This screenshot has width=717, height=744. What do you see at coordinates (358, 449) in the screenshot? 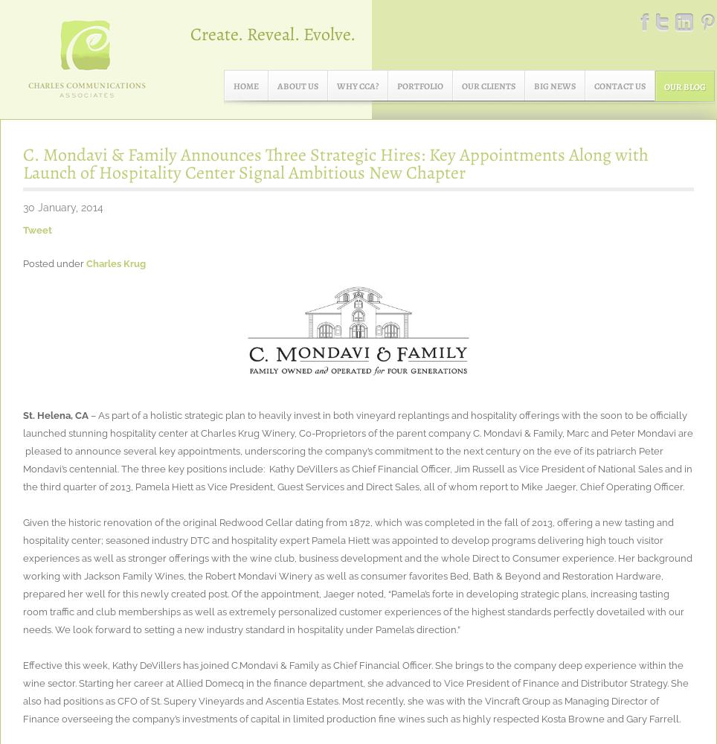
I see `'– As part of a holistic strategic plan to heavily invest in both vineyard replantings and hospitality offerings with the soon to be officially launched stunning hospitality center at Charles Krug Winery, Co-Proprietors of the parent company C. Mondavi & Family, Marc and Peter Mondavi are  pleased to announce several key appointments, underscoring the company’s commitment to the next century on the eve of its patriarch Peter Mondavi’s centennial. The three key positions include:  Kathy DeVillers as Chief Financial Officer, Jim Russell as Vice President of National Sales and in the third quarter of 2013, Pamela Hiett as Vice President, Guest Services and Direct Sales, all of whom report to Mike Jaeger, Chief Operating Officer.'` at bounding box center [358, 449].